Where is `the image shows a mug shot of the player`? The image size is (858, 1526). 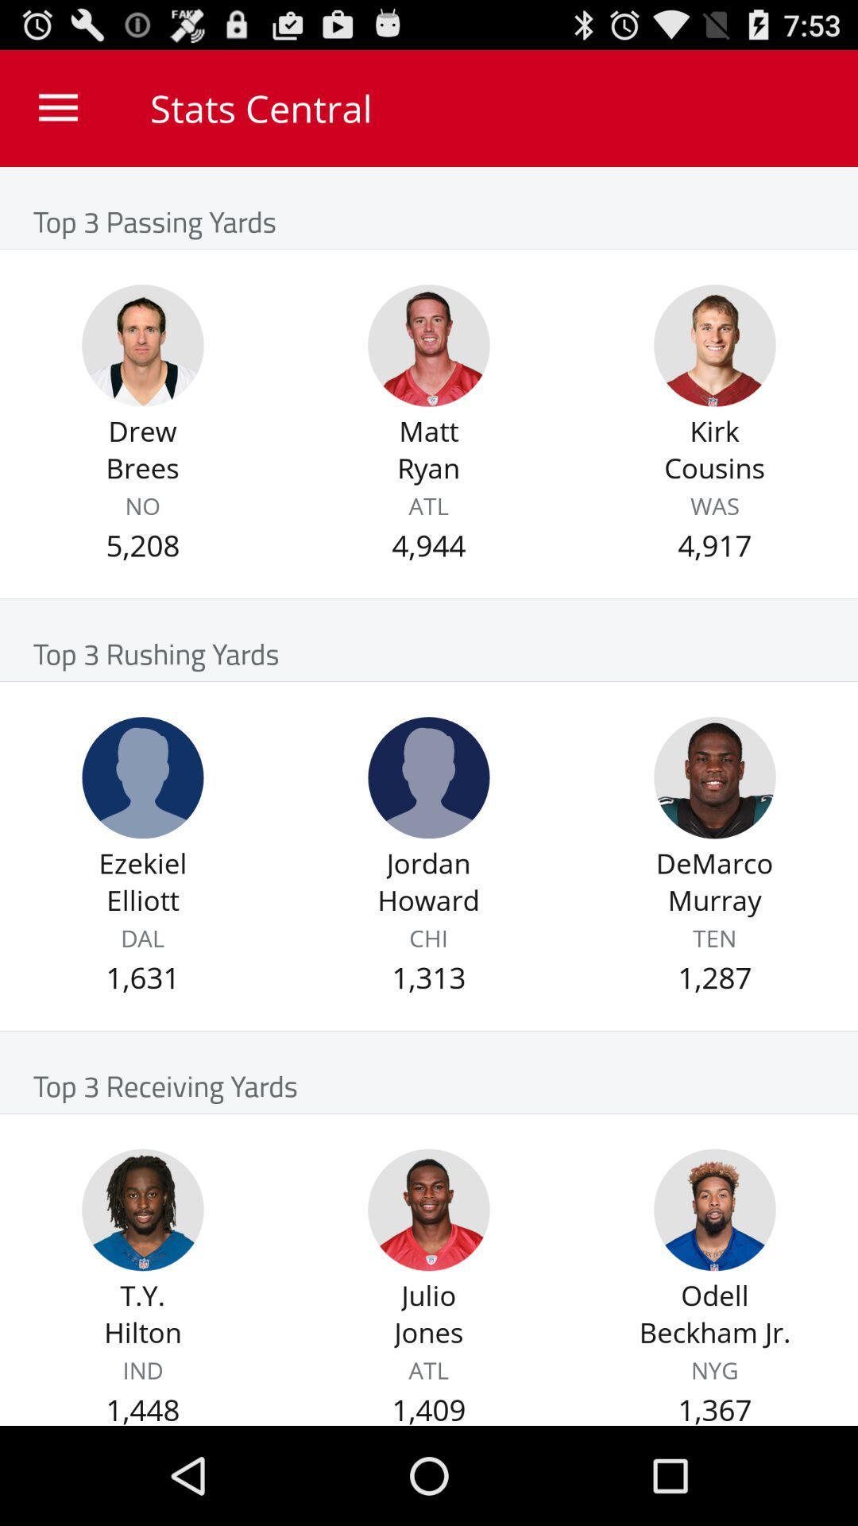 the image shows a mug shot of the player is located at coordinates (713, 777).